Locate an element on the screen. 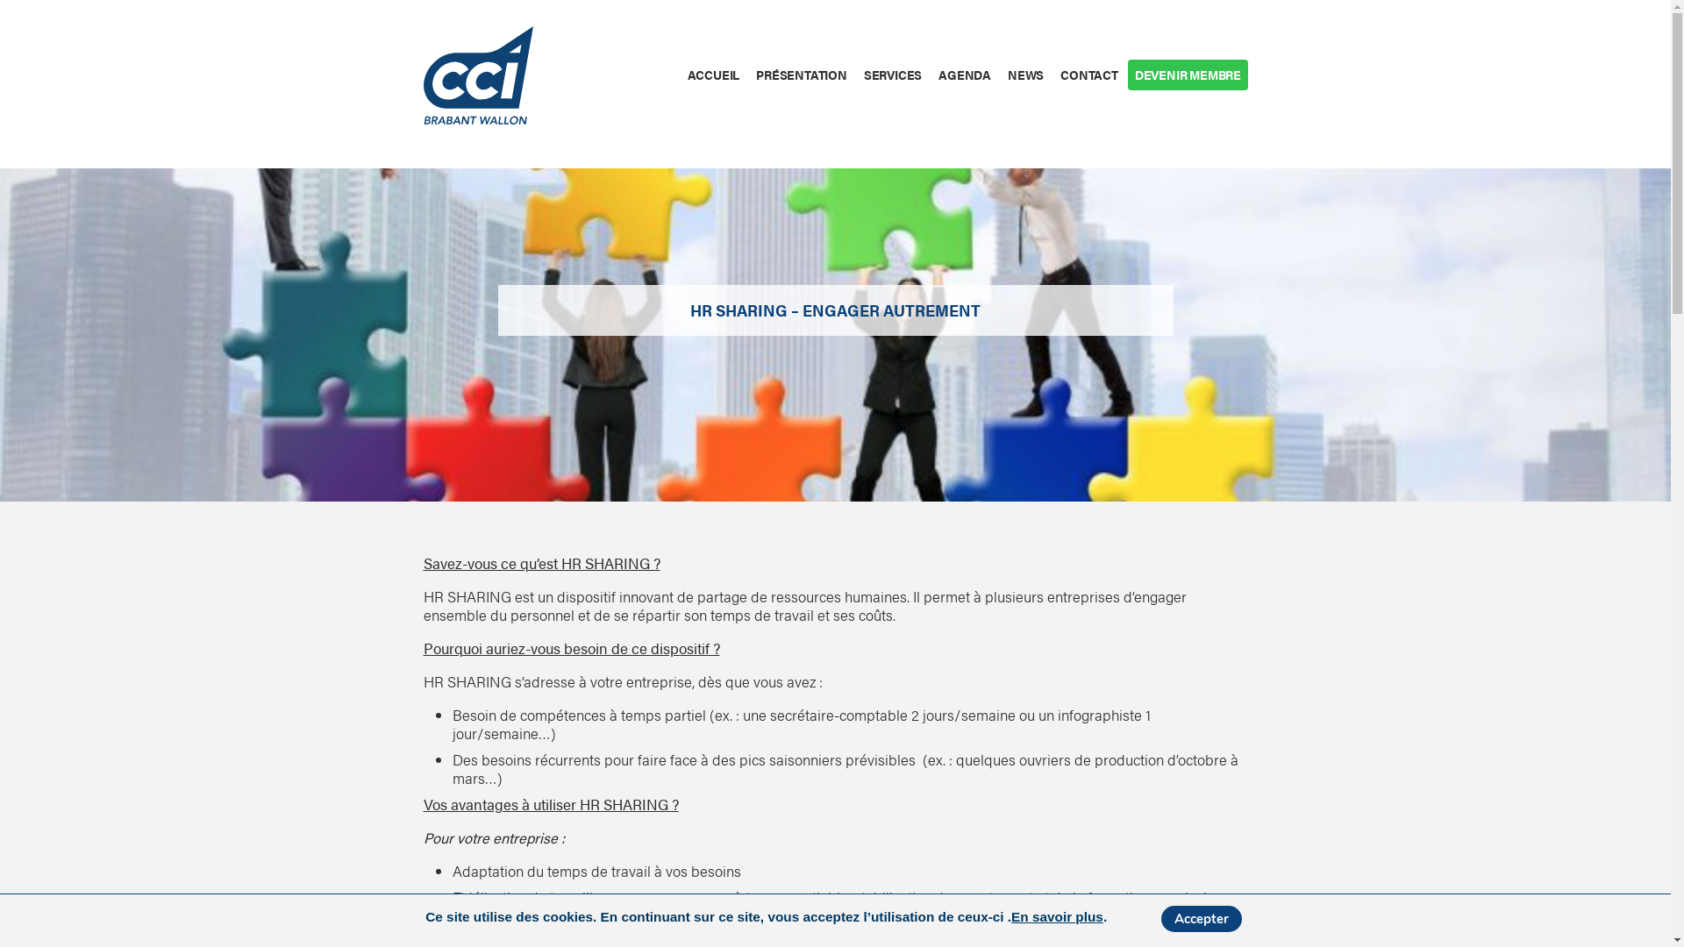  'CONTACT' is located at coordinates (1088, 74).